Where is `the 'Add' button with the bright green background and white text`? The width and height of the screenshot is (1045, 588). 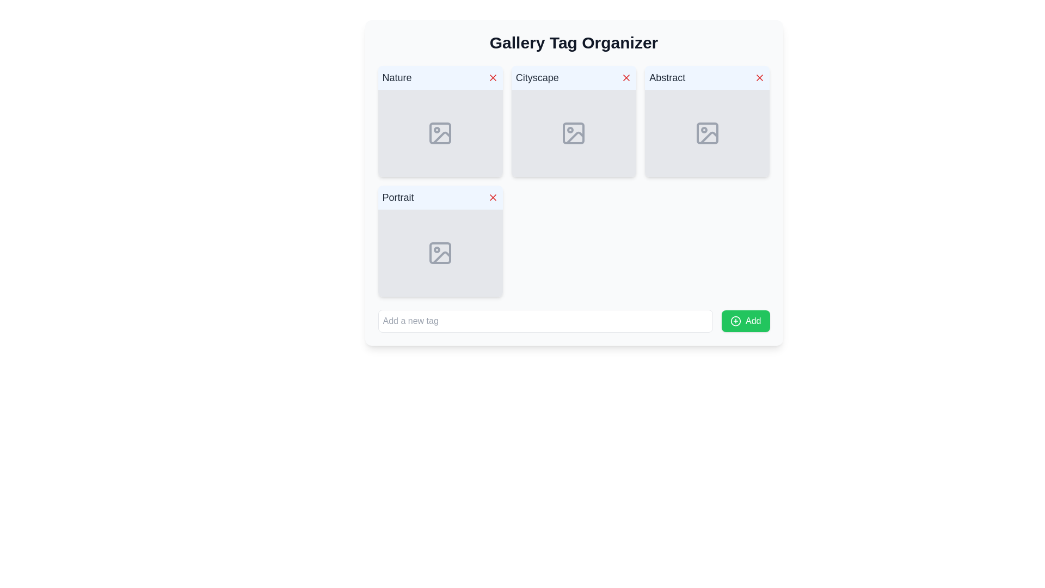
the 'Add' button with the bright green background and white text is located at coordinates (745, 321).